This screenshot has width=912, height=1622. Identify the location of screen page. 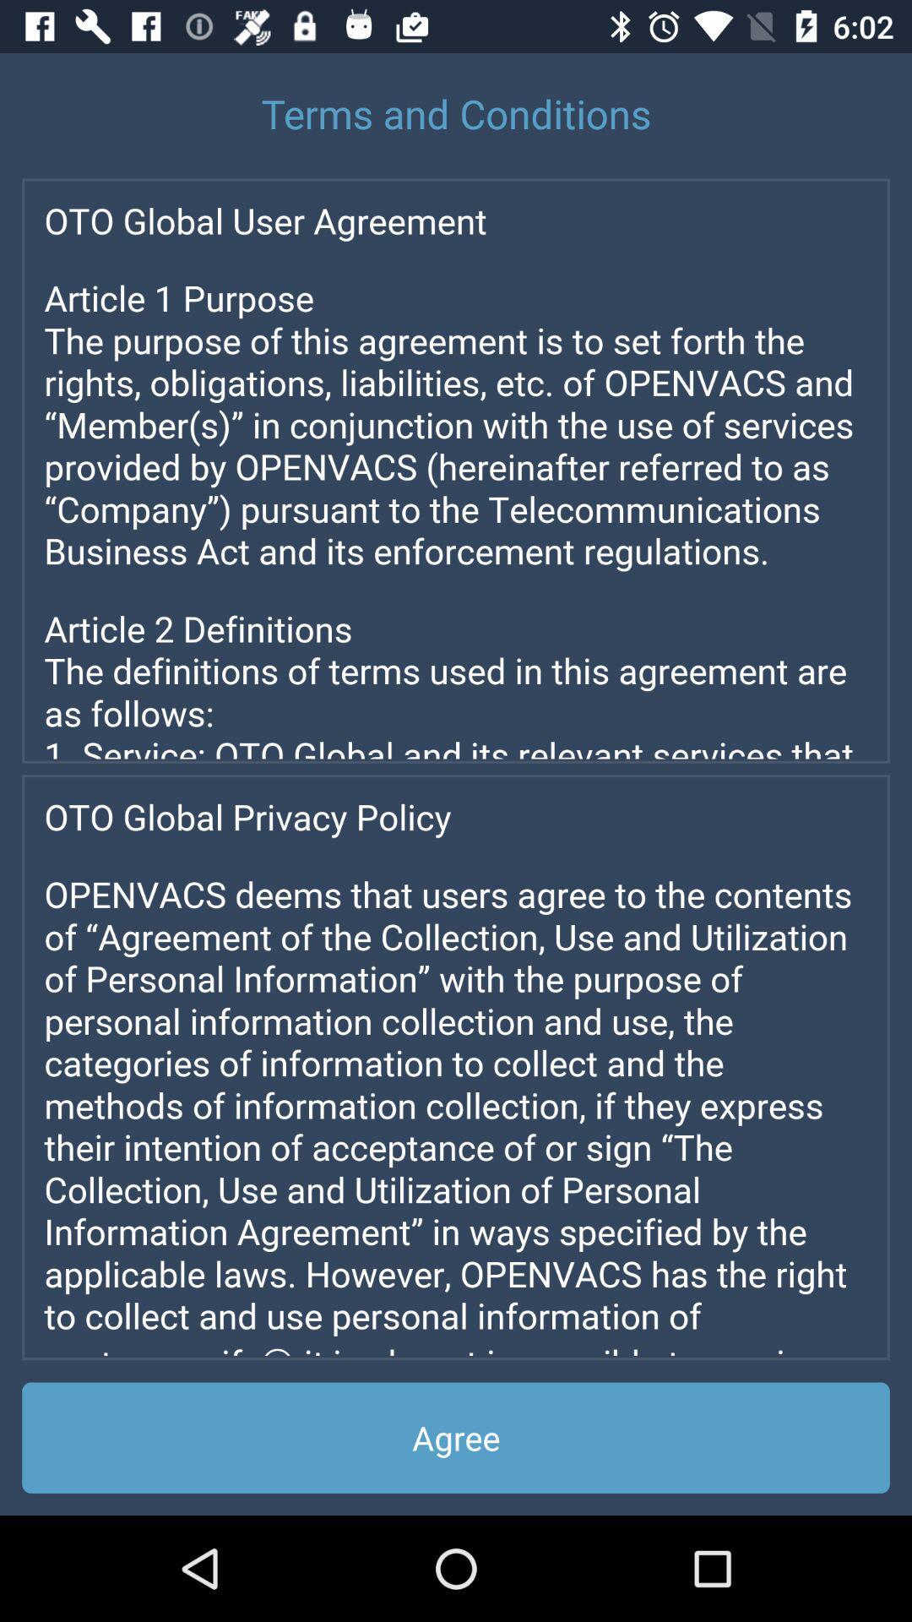
(456, 471).